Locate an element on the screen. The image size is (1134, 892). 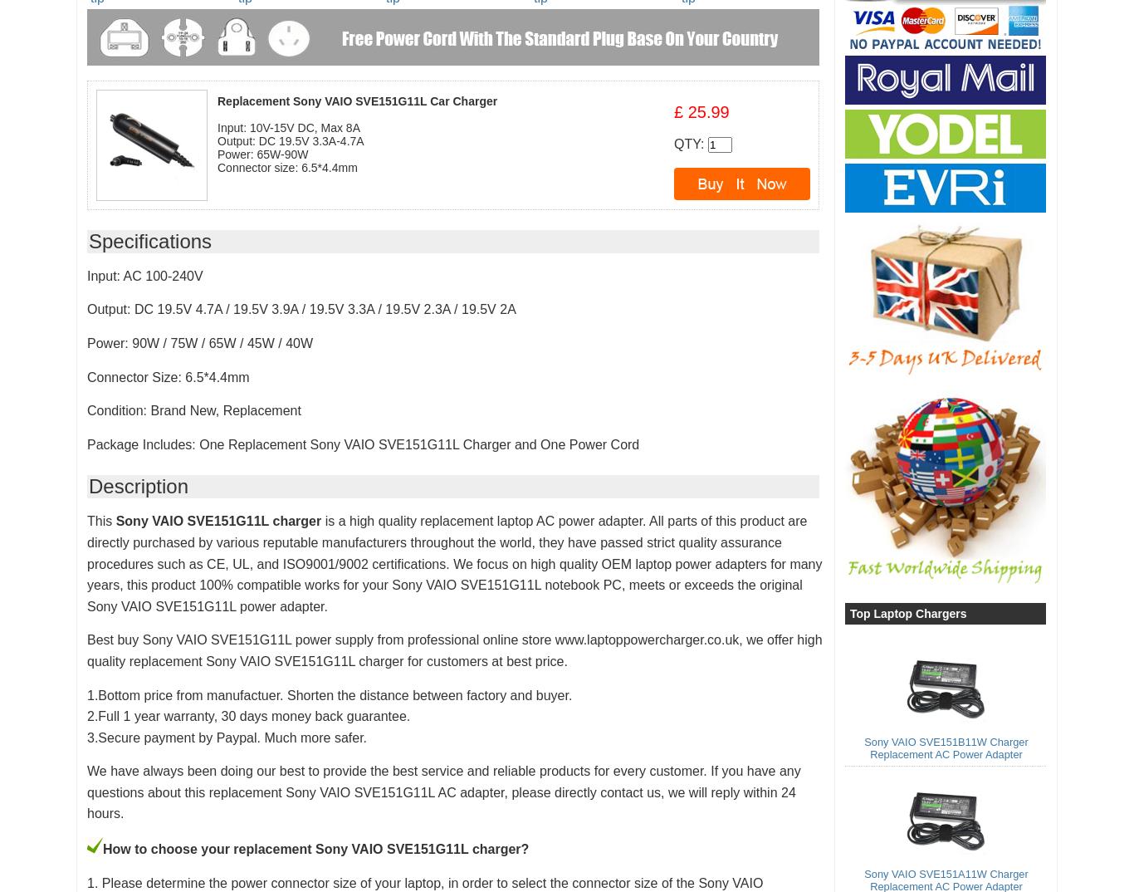
'Output: DC 19.5V 3.3A-4.7A' is located at coordinates (289, 140).